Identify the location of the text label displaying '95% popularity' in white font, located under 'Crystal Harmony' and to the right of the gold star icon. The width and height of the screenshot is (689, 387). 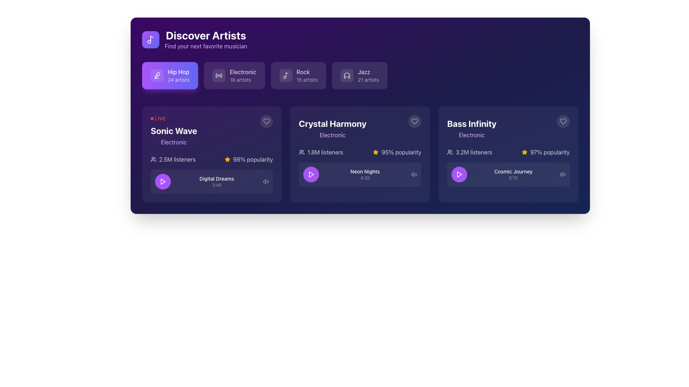
(401, 152).